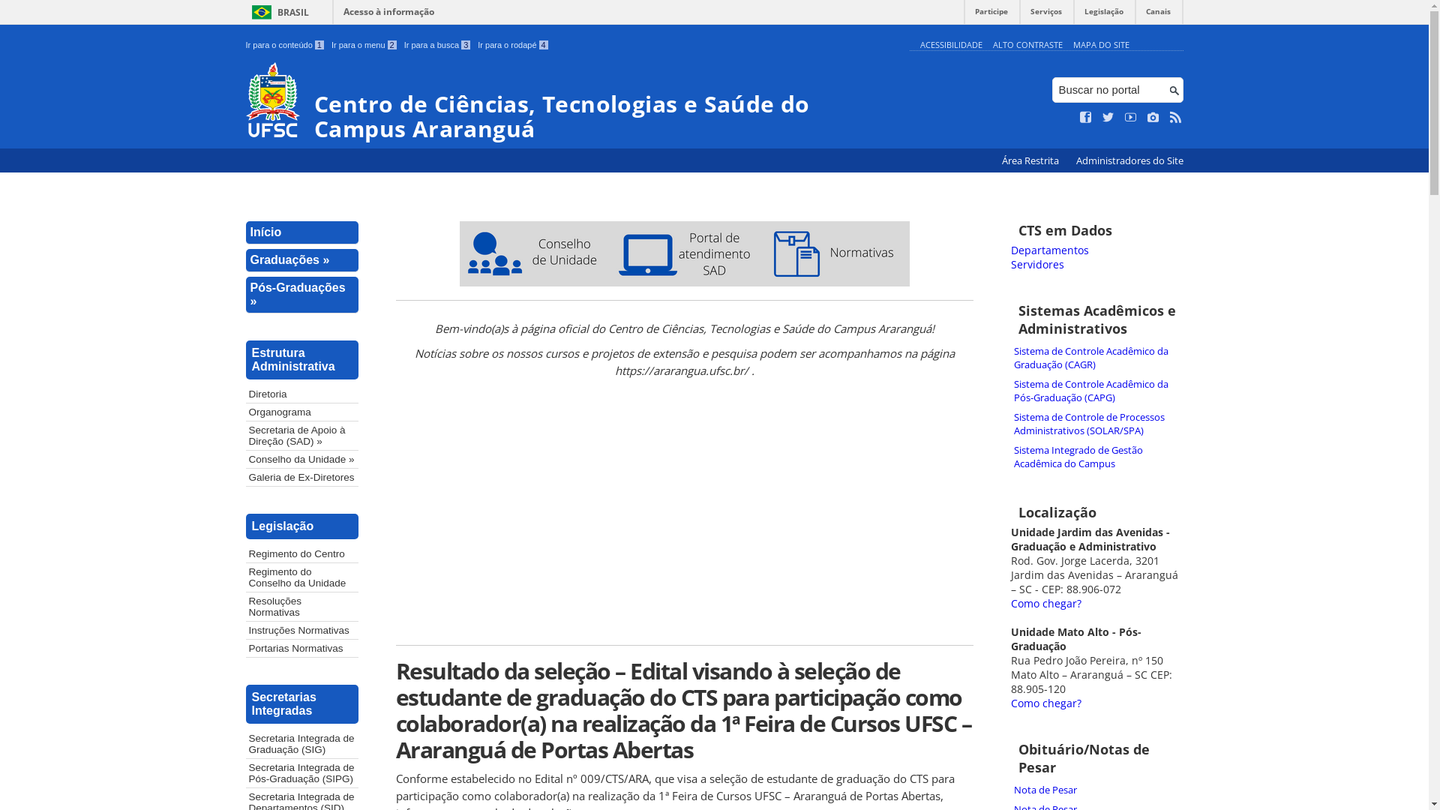 This screenshot has height=810, width=1440. I want to click on 'Curta no Facebook', so click(1086, 117).